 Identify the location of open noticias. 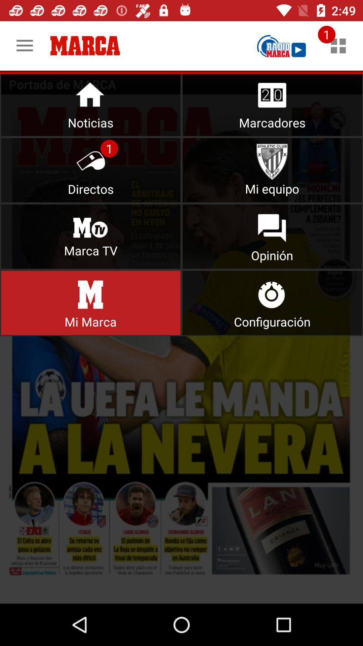
(91, 103).